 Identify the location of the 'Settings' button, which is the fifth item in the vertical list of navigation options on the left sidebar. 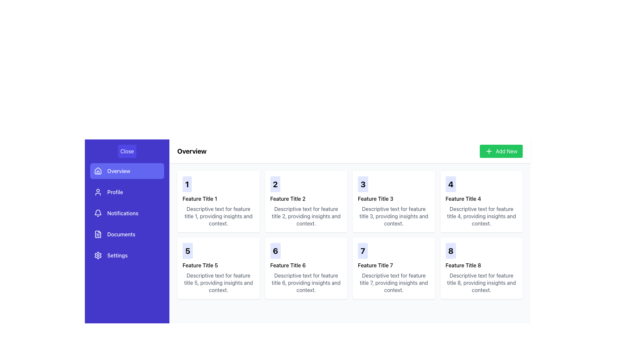
(127, 255).